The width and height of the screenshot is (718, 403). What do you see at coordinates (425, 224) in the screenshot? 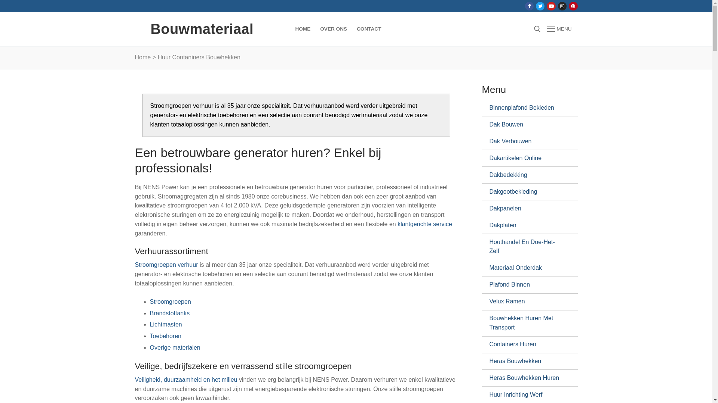
I see `'klantgerichte service'` at bounding box center [425, 224].